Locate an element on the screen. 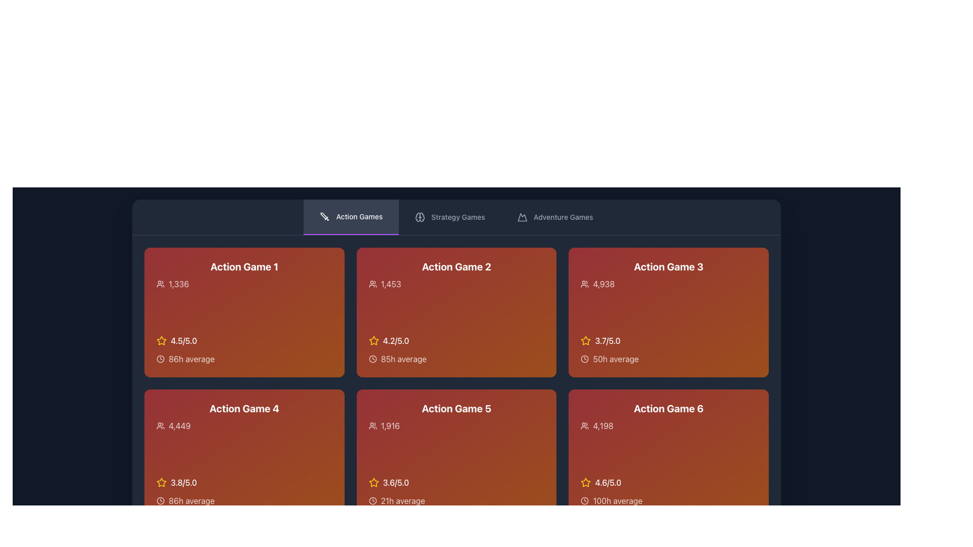  the user group icon, which is represented by three human shapes, located to the left of the '1,916' text within the 'Action Game 5' card is located at coordinates (372, 425).